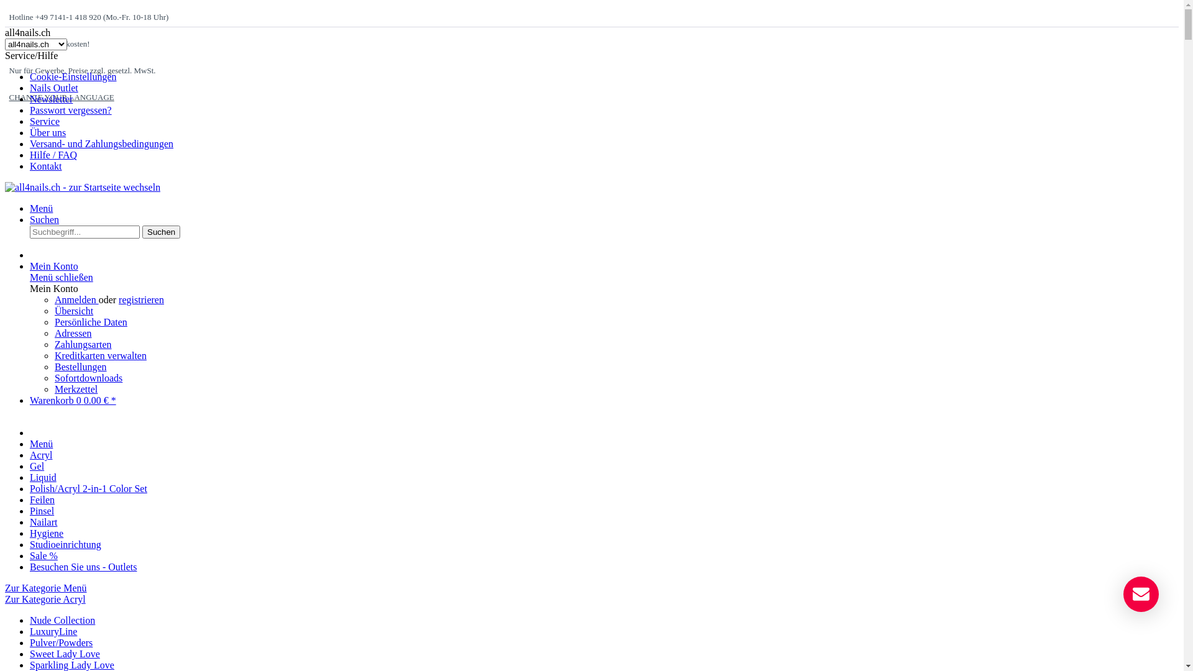  What do you see at coordinates (42, 499) in the screenshot?
I see `'Feilen'` at bounding box center [42, 499].